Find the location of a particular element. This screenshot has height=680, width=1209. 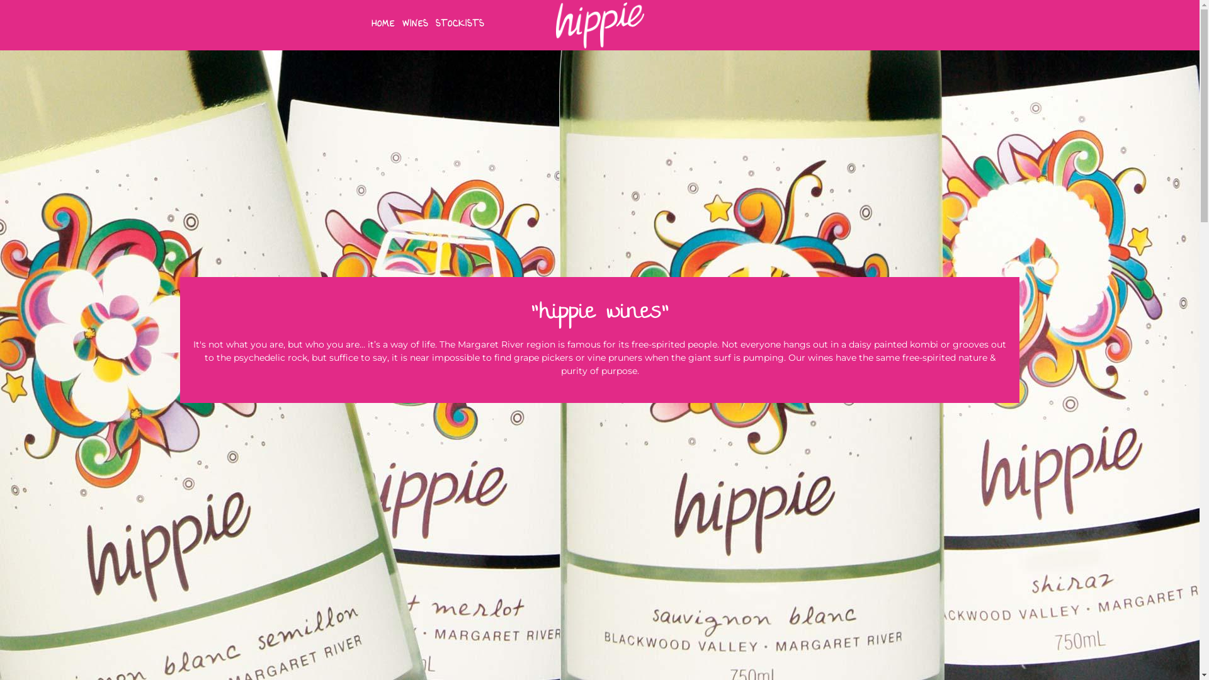

'HOME' is located at coordinates (382, 24).